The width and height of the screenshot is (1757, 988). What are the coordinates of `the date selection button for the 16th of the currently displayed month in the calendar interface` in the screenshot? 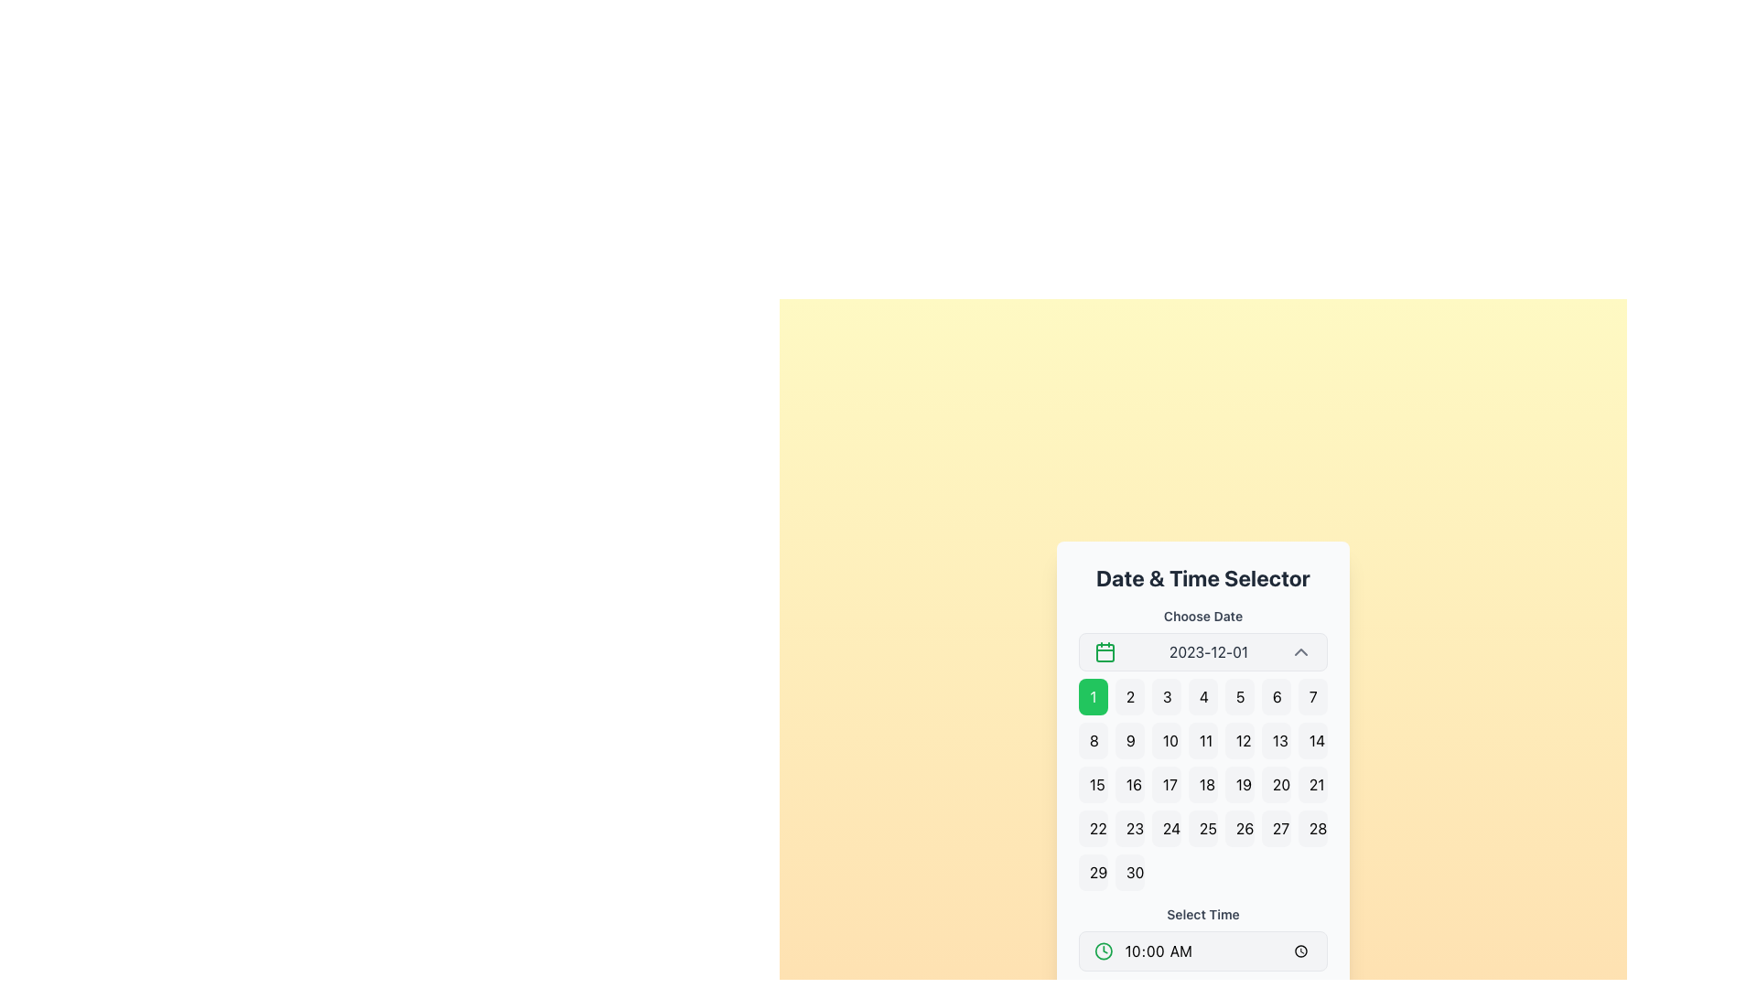 It's located at (1128, 783).